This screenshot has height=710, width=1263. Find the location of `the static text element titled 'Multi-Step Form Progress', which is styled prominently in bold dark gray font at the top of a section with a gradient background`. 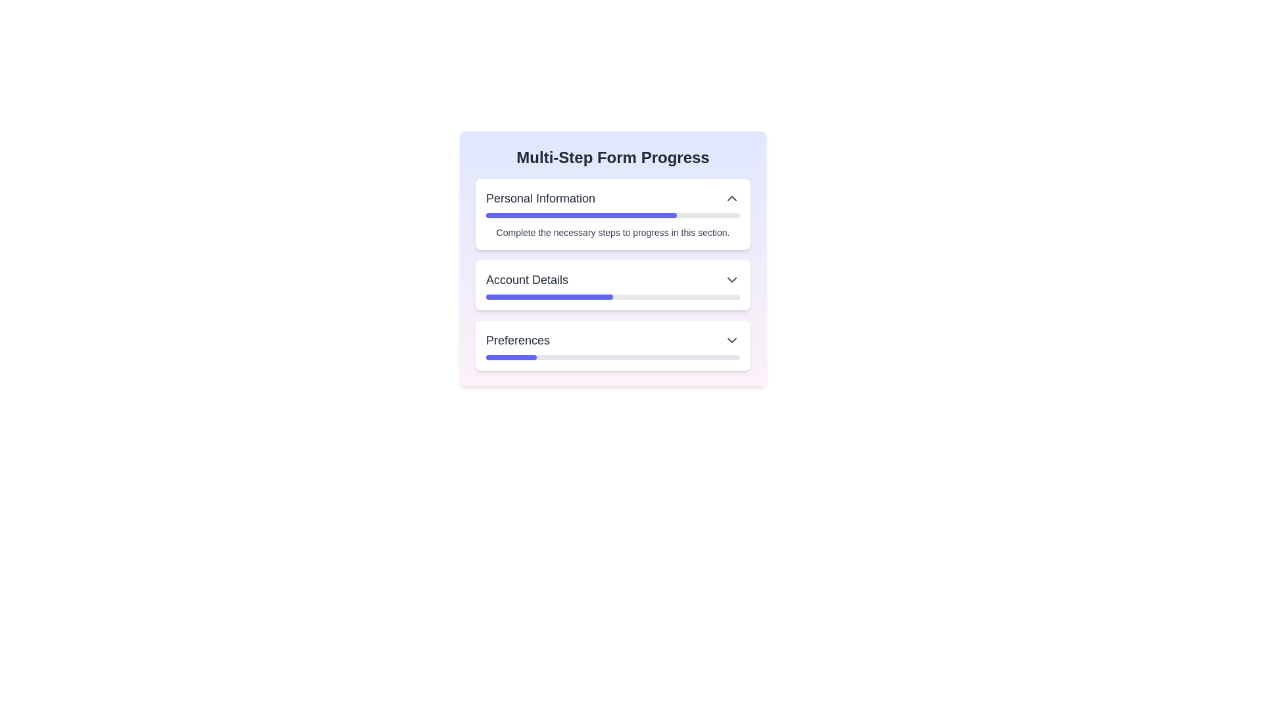

the static text element titled 'Multi-Step Form Progress', which is styled prominently in bold dark gray font at the top of a section with a gradient background is located at coordinates (612, 156).